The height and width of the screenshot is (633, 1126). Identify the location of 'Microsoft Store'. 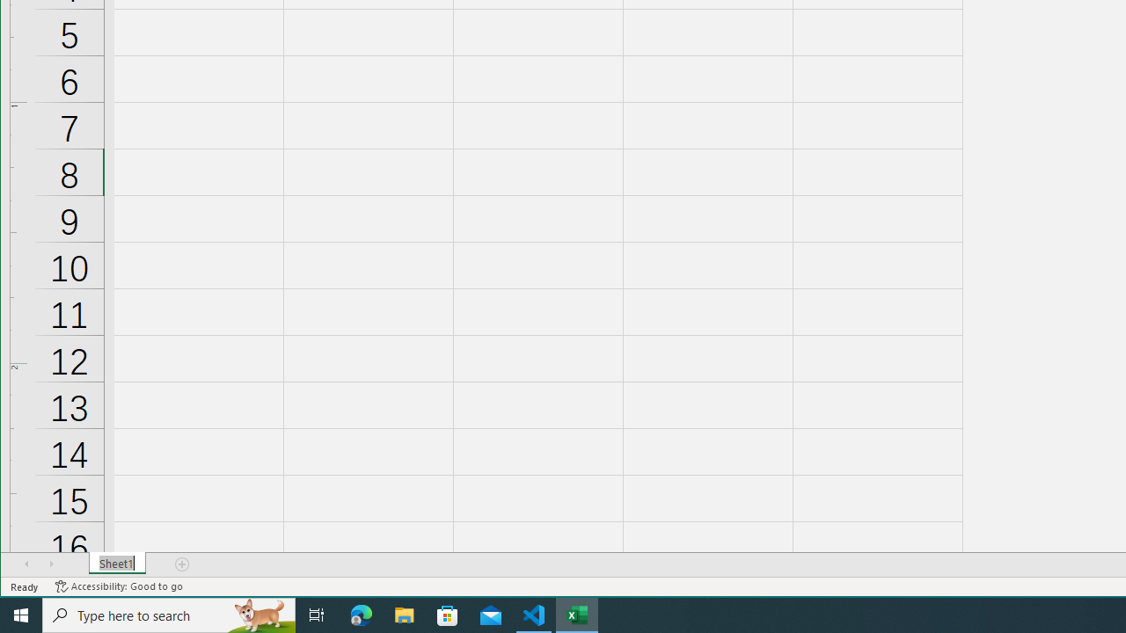
(448, 614).